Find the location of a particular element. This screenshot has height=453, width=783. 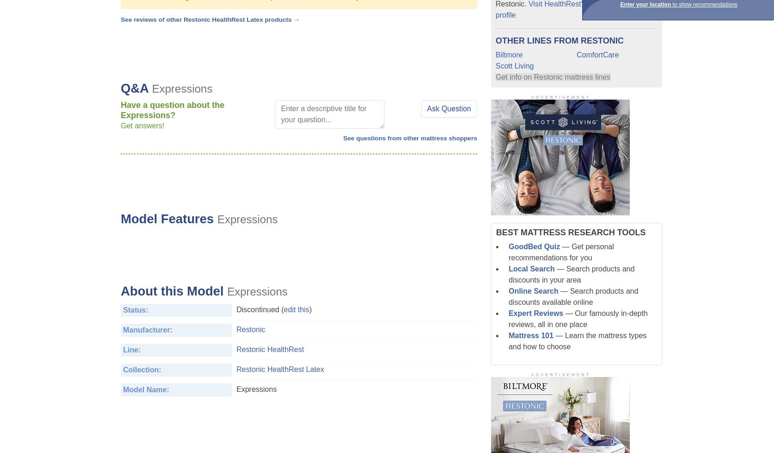

'Best Mattress Research Tools' is located at coordinates (571, 232).